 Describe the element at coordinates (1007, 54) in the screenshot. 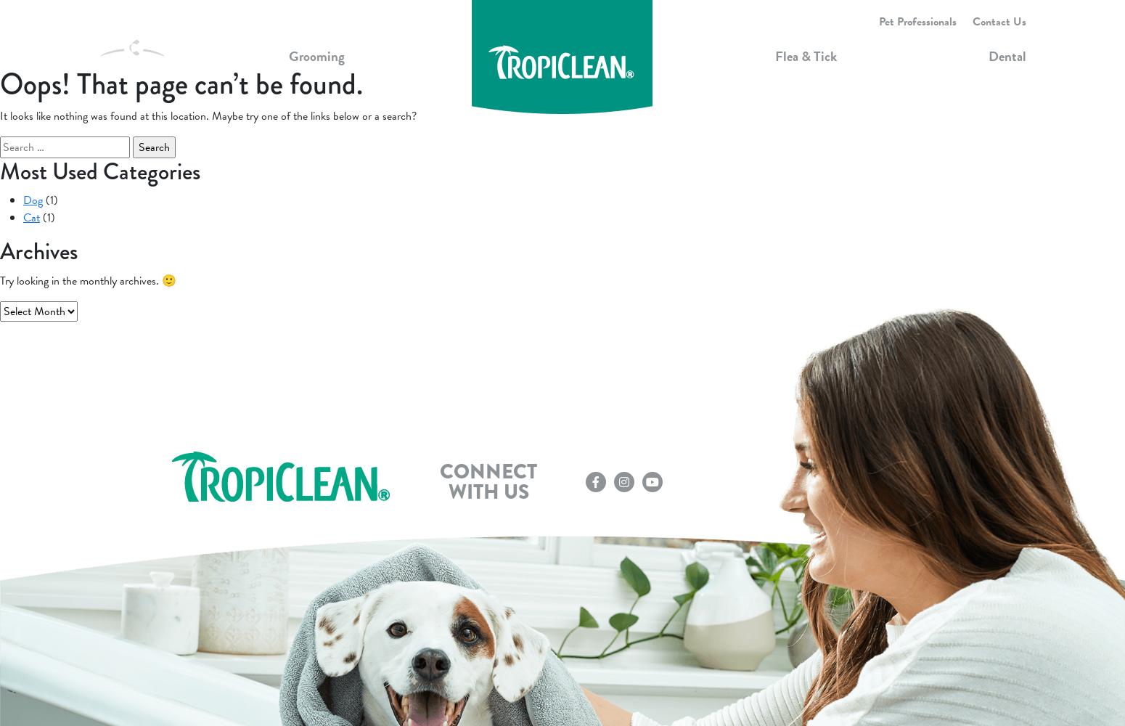

I see `'Dental'` at that location.